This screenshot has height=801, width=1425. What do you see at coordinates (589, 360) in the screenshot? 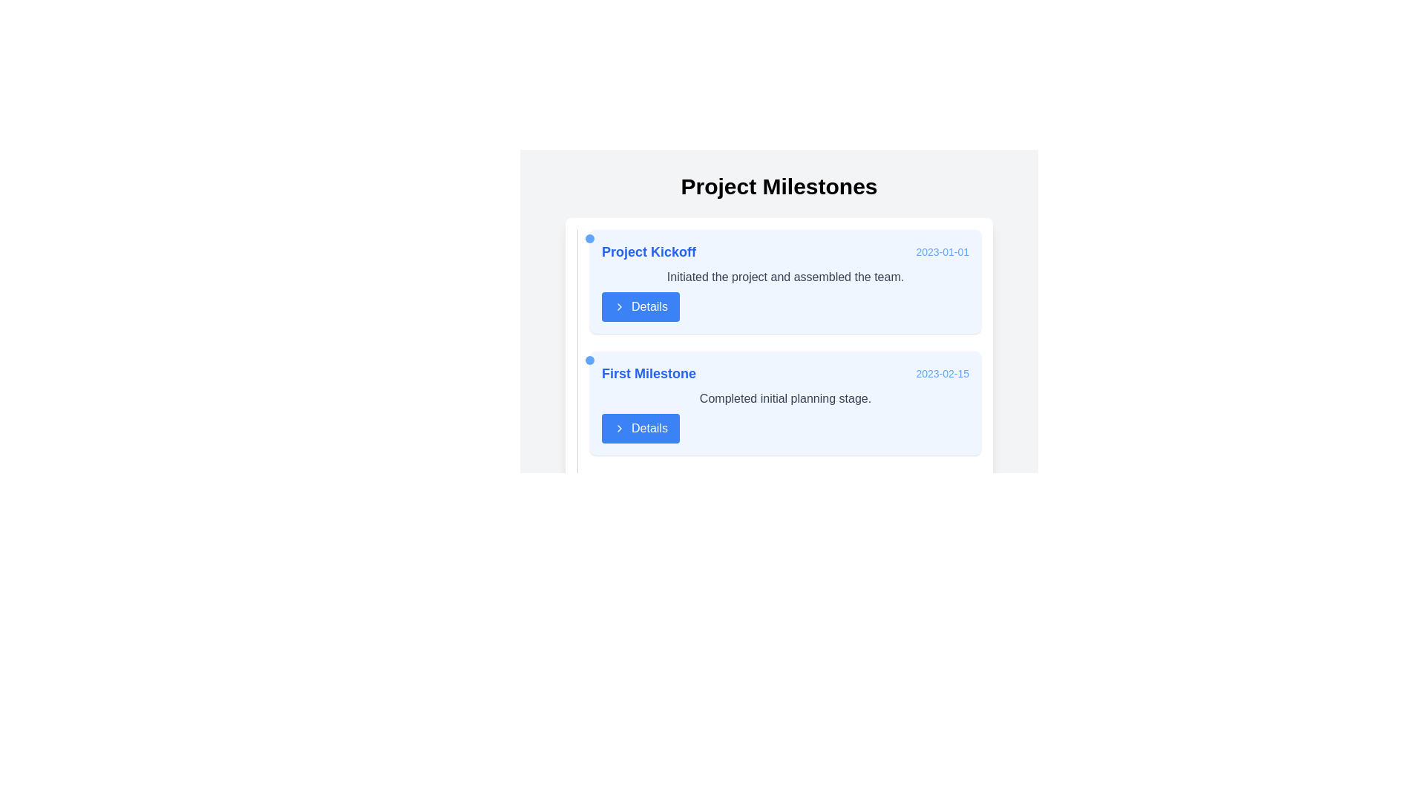
I see `the visual marker located to the left of the 'First Milestone' heading in the 'Project Milestones' section` at bounding box center [589, 360].